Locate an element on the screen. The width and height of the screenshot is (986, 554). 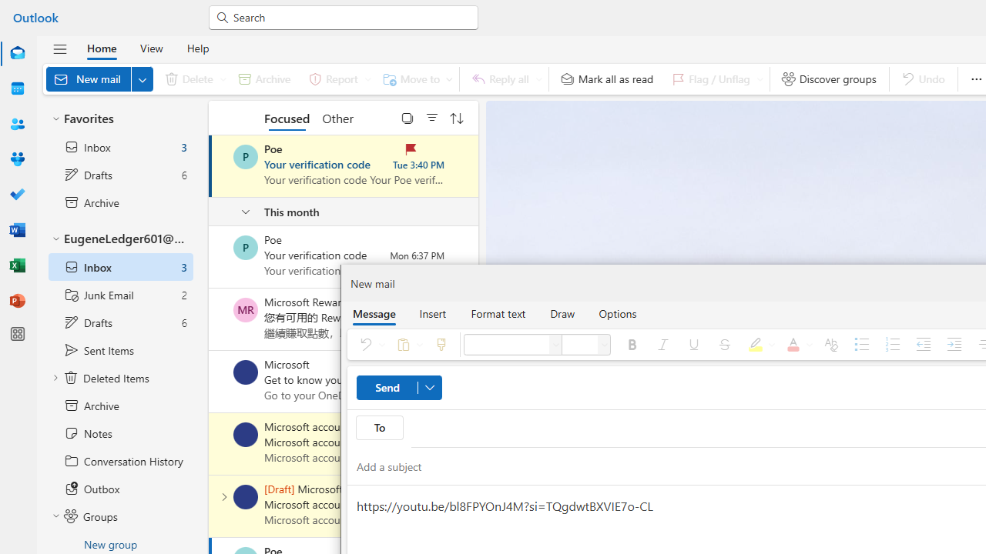
'Format text' is located at coordinates (498, 312).